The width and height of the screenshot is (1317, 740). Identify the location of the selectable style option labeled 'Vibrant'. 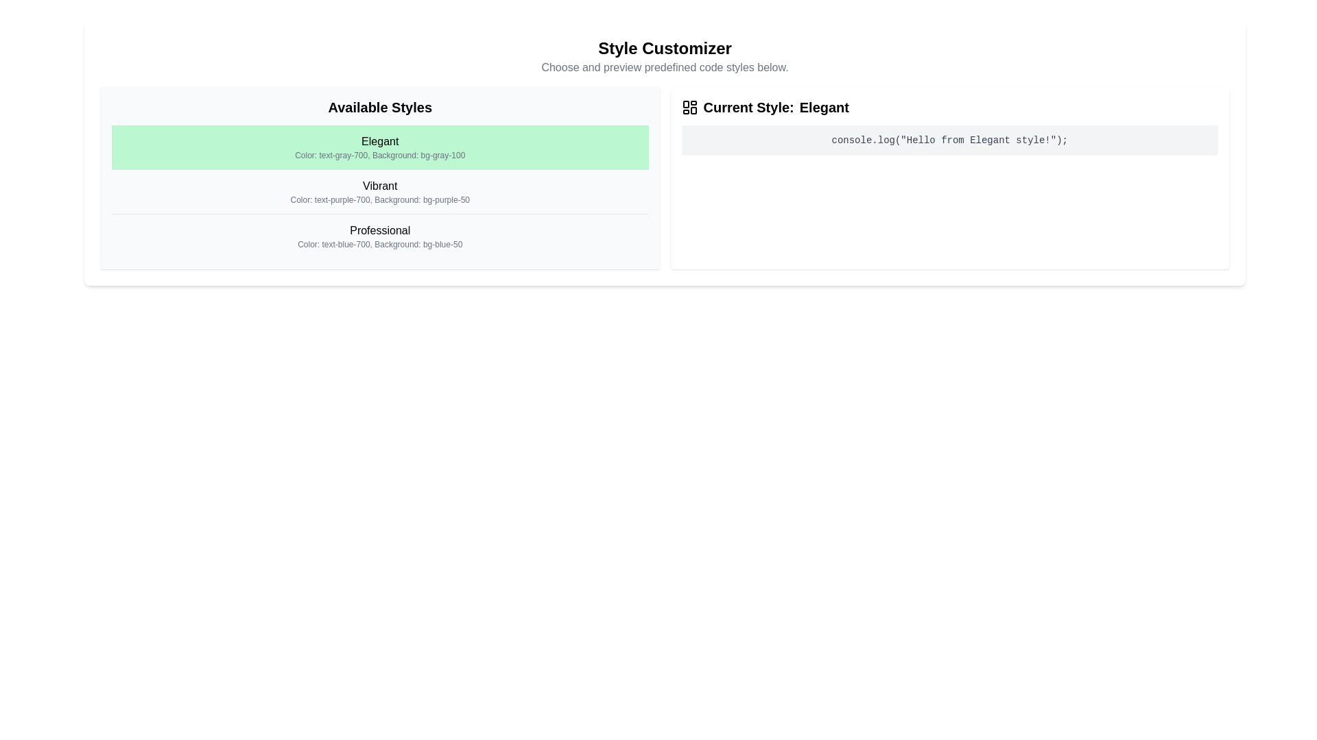
(380, 191).